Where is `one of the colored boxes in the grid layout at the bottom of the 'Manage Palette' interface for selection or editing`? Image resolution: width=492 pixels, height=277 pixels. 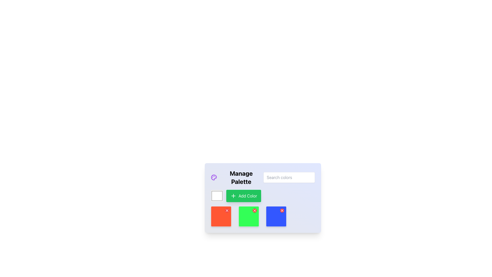
one of the colored boxes in the grid layout at the bottom of the 'Manage Palette' interface for selection or editing is located at coordinates (263, 216).